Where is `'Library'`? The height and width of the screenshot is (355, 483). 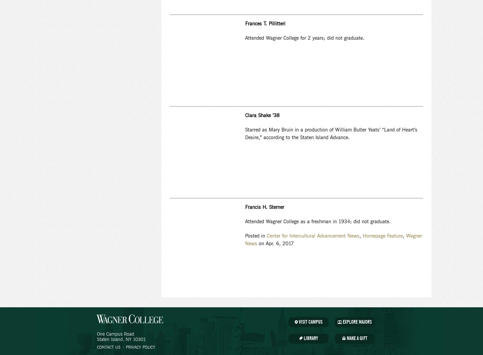 'Library' is located at coordinates (310, 339).